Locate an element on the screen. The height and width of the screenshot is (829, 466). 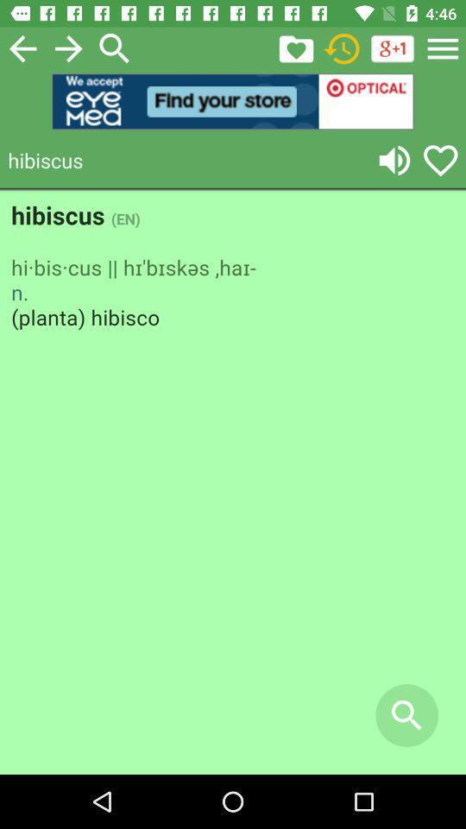
the folder icon is located at coordinates (295, 47).